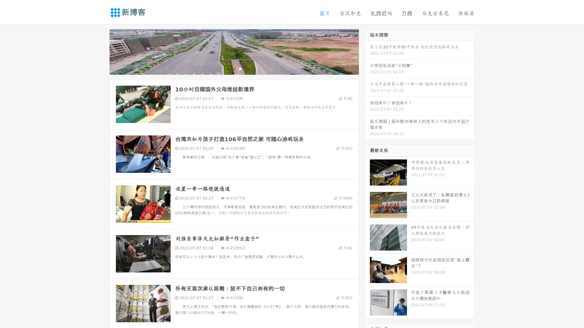 The width and height of the screenshot is (584, 328). What do you see at coordinates (367, 51) in the screenshot?
I see `Next slide` at bounding box center [367, 51].